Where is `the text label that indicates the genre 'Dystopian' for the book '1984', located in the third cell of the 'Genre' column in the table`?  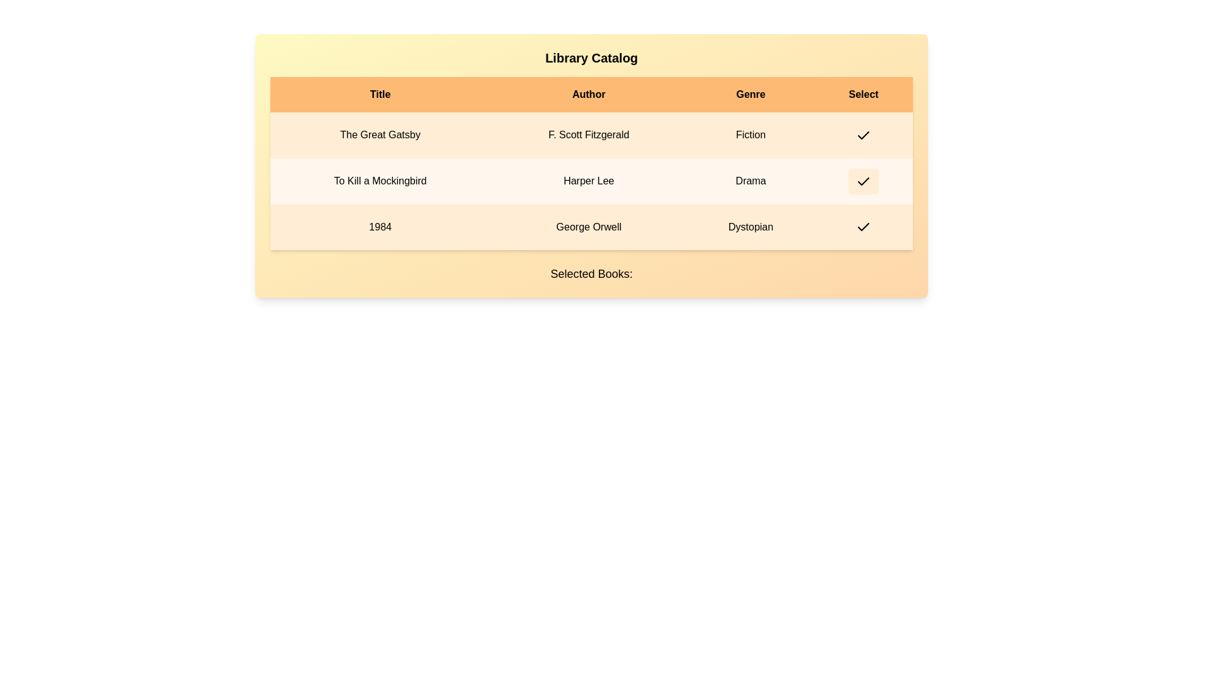
the text label that indicates the genre 'Dystopian' for the book '1984', located in the third cell of the 'Genre' column in the table is located at coordinates (751, 226).